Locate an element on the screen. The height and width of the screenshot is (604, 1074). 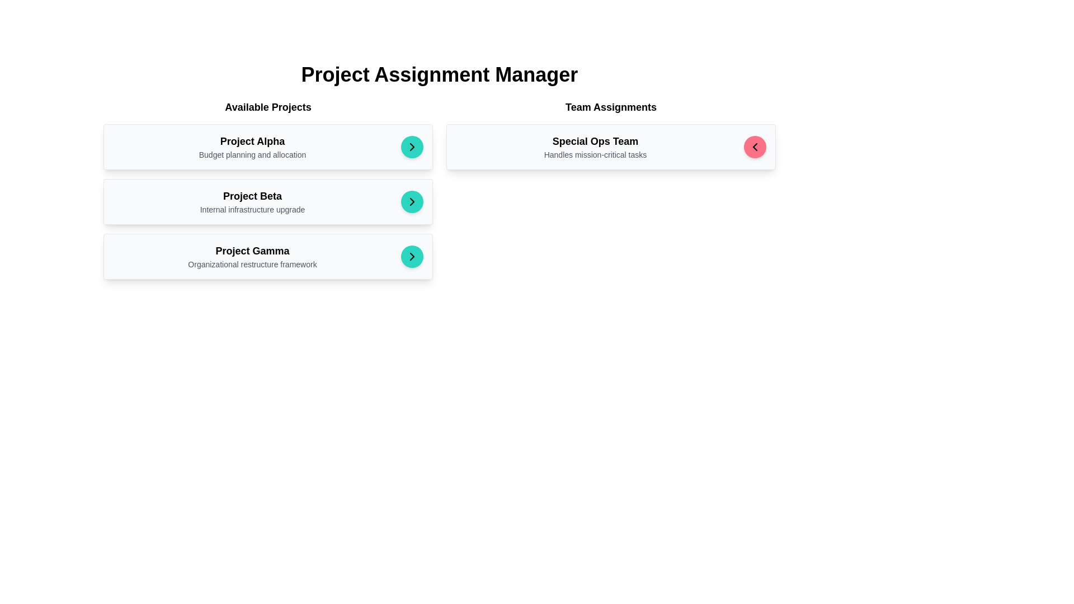
the navigation button at the right end of the 'Project Alpha' card in the 'Available Projects' section to trigger a visual effect is located at coordinates (412, 146).